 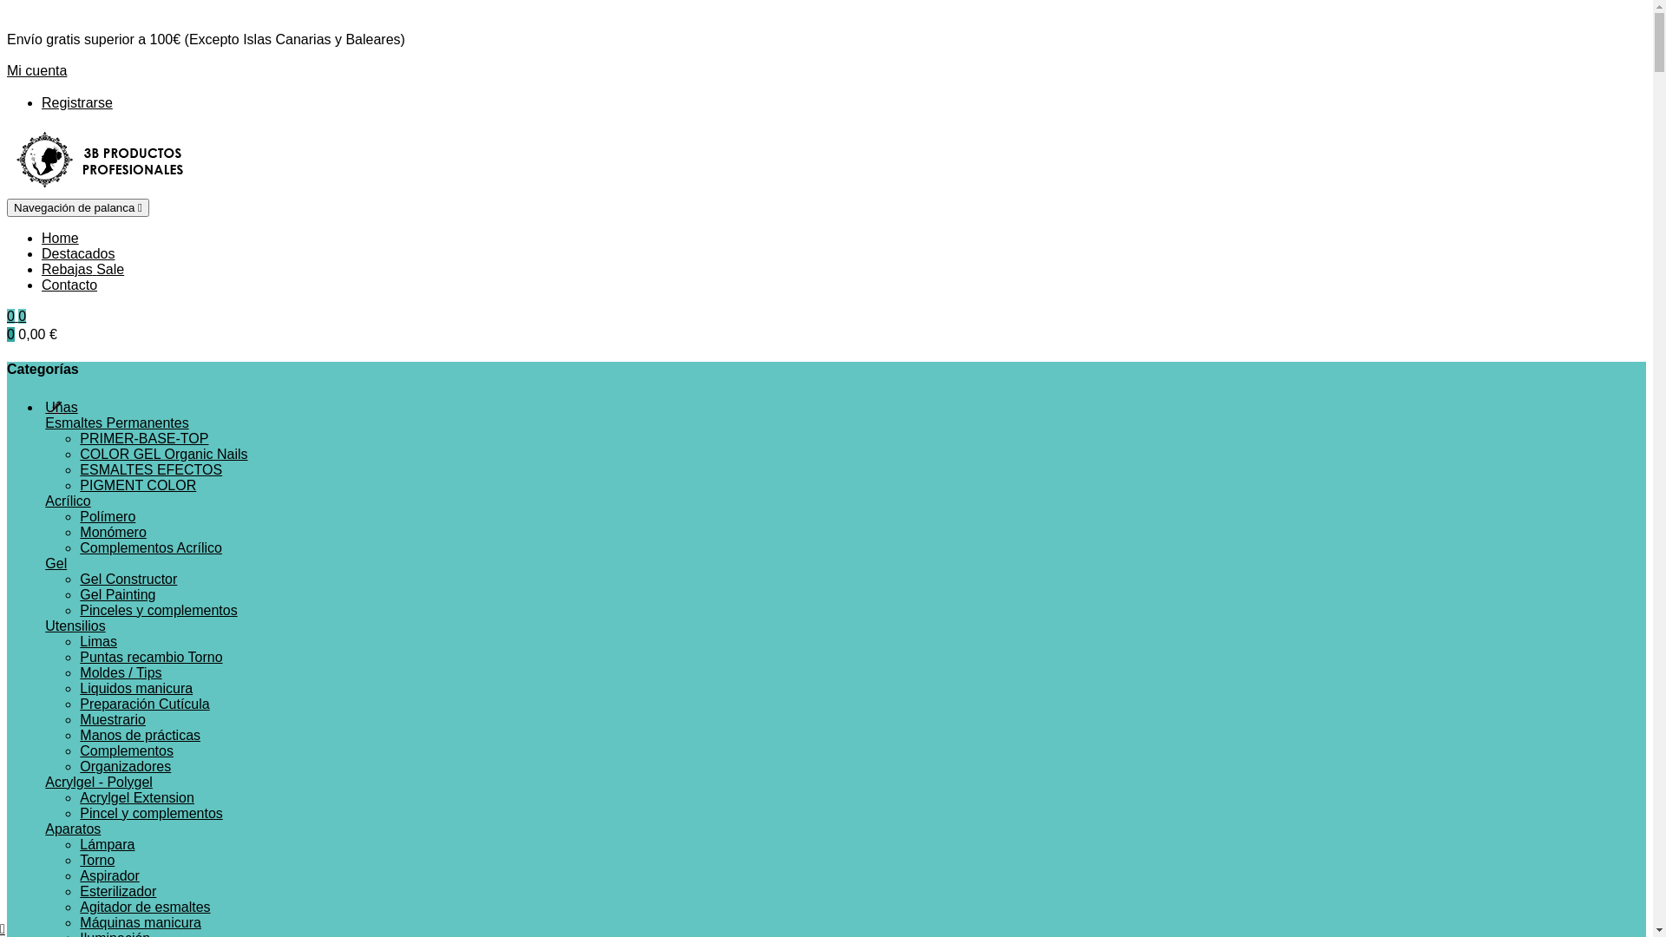 I want to click on 'Organizadores', so click(x=124, y=765).